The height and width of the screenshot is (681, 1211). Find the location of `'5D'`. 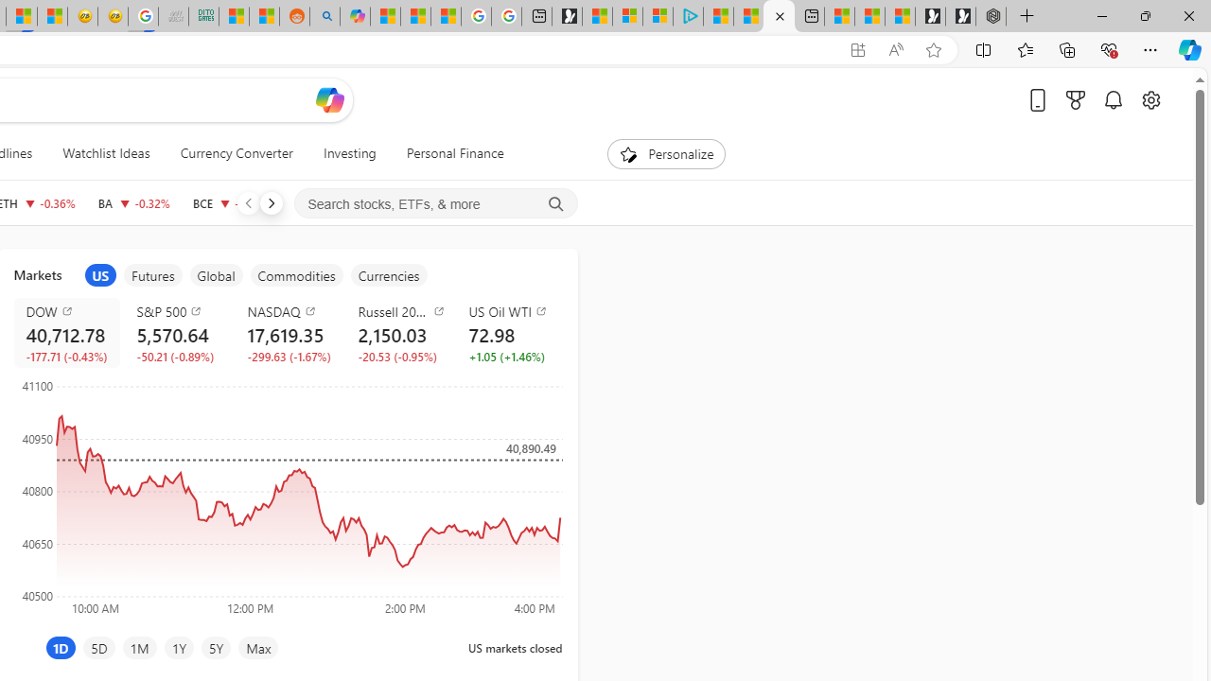

'5D' is located at coordinates (97, 647).